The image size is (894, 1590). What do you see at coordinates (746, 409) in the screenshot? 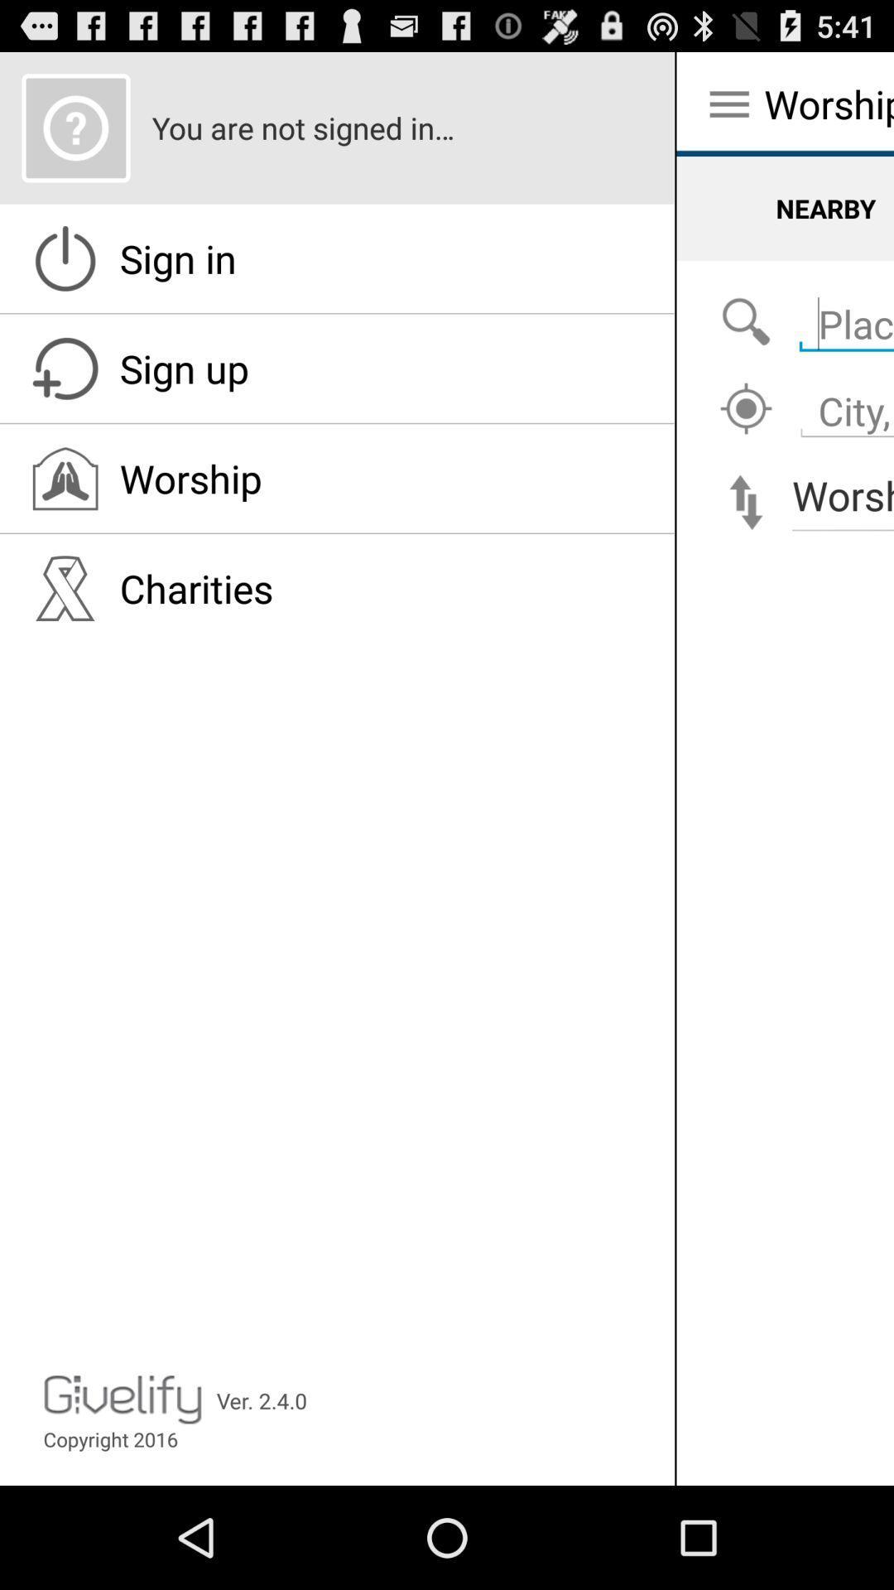
I see `location city` at bounding box center [746, 409].